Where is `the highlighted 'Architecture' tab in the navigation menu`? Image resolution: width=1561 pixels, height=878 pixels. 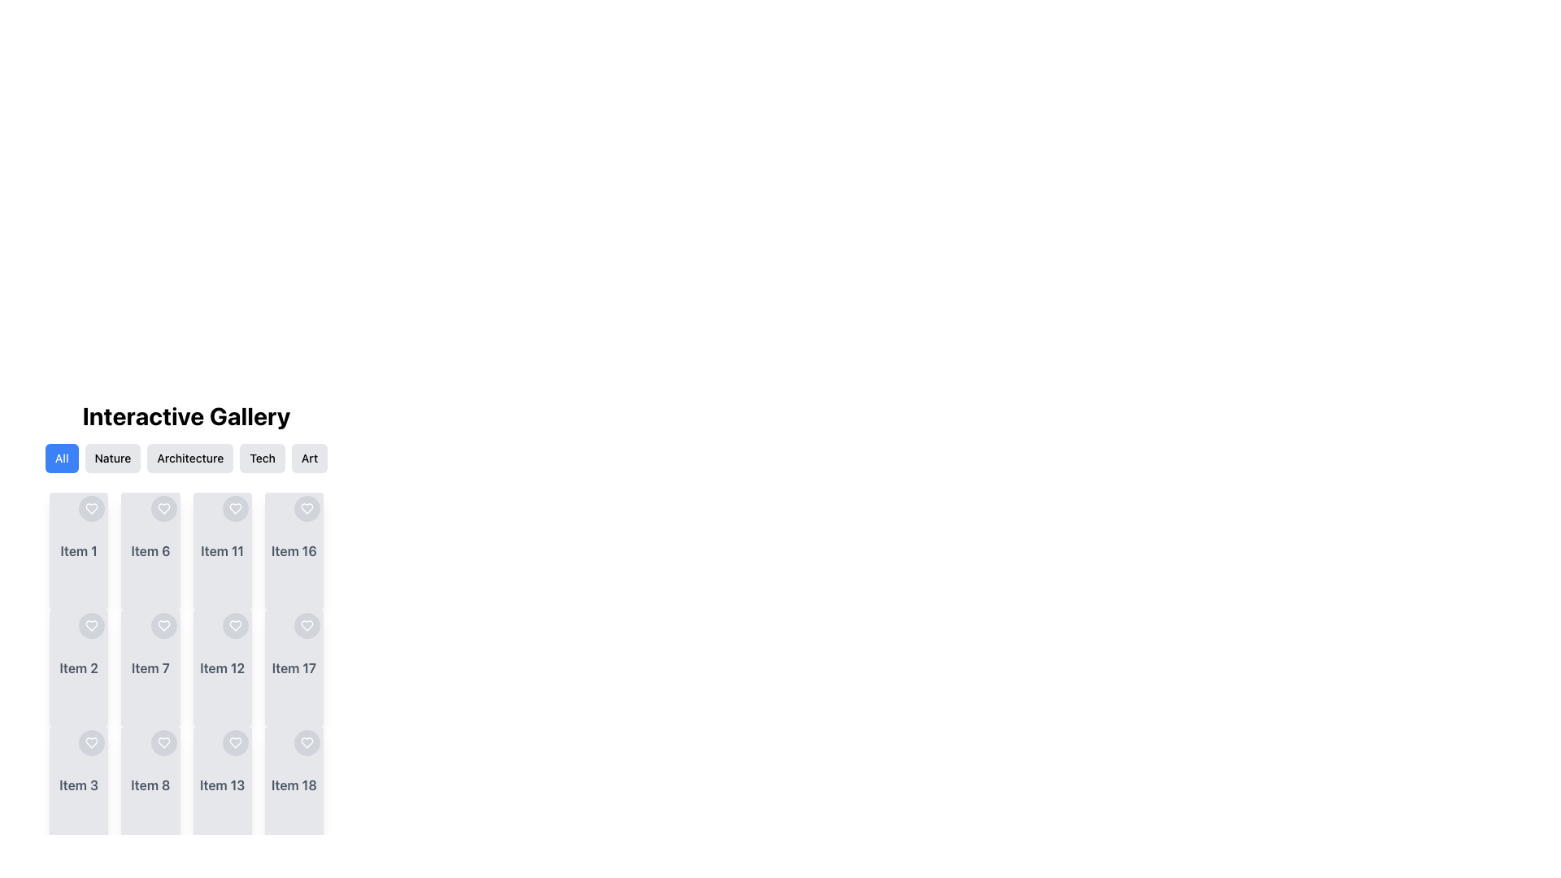
the highlighted 'Architecture' tab in the navigation menu is located at coordinates (186, 458).